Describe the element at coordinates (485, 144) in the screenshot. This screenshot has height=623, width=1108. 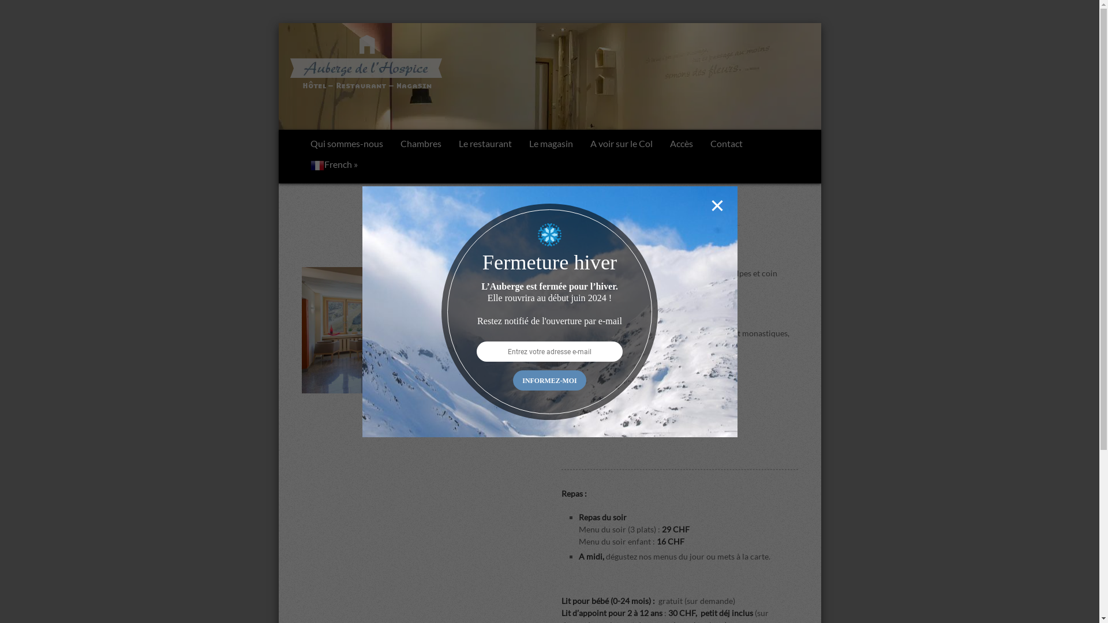
I see `'Le restaurant'` at that location.